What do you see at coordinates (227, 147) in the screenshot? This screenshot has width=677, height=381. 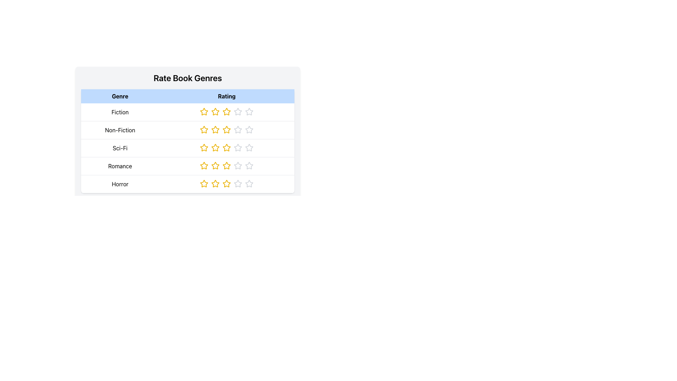 I see `the third star in the Rating column of the rating table to update the rating level` at bounding box center [227, 147].